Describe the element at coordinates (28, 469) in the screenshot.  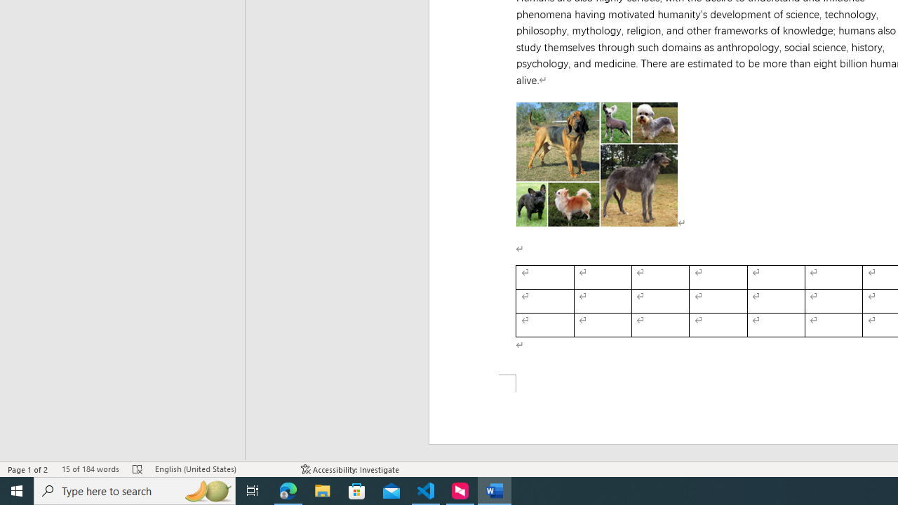
I see `'Page Number Page 1 of 2'` at that location.